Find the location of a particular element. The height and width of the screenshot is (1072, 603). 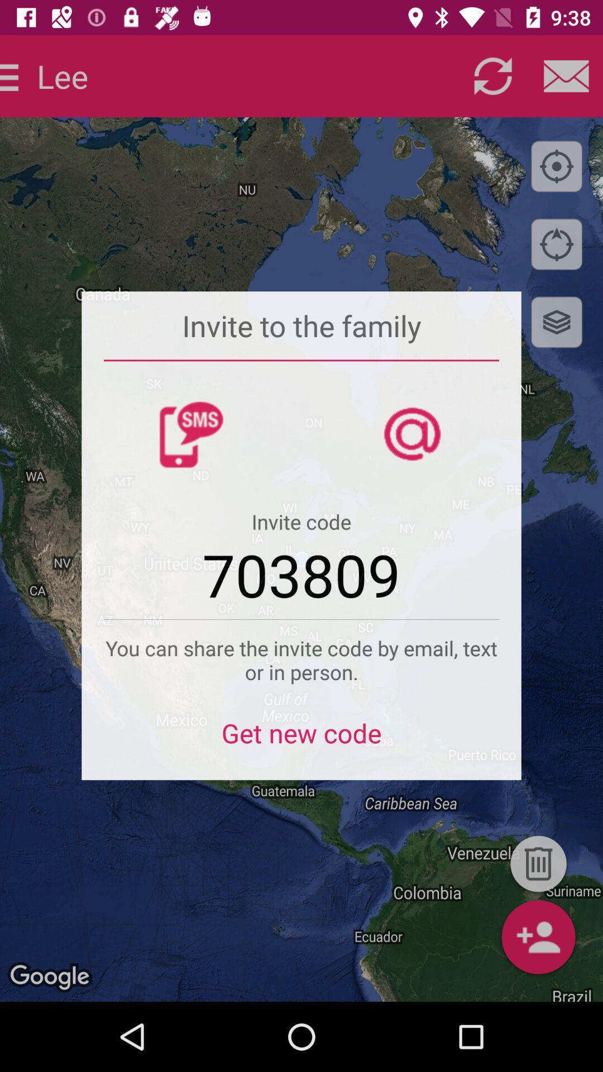

the email icon is located at coordinates (566, 75).